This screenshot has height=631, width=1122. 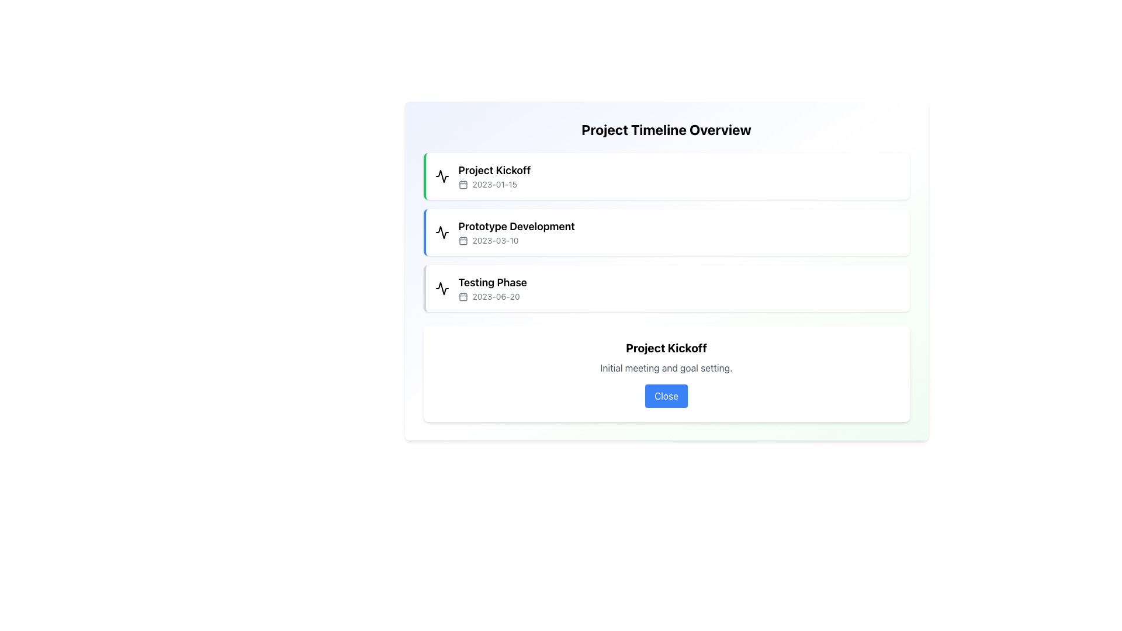 What do you see at coordinates (666, 367) in the screenshot?
I see `the text label providing additional descriptive information regarding the 'Project Kickoff' section, located immediately below the title text 'Project Kickoff' and above the blue button labeled 'Close'` at bounding box center [666, 367].